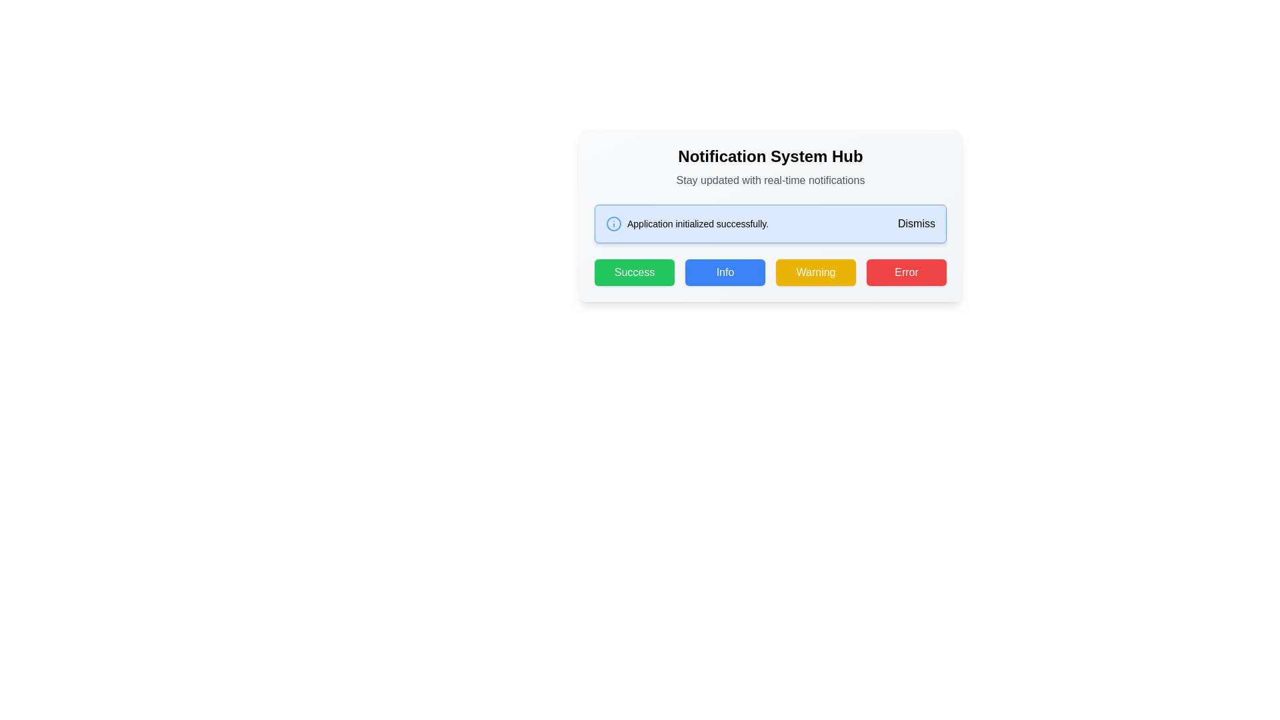 Image resolution: width=1280 pixels, height=720 pixels. I want to click on the third button from the left in a horizontal row of four buttons located below the 'Notification System Hub' text, so click(815, 271).